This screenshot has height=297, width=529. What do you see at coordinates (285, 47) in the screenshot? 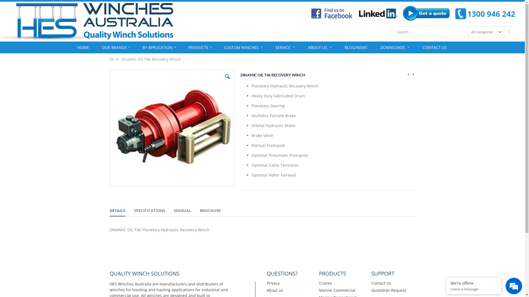
I see `'SERVICE'` at bounding box center [285, 47].